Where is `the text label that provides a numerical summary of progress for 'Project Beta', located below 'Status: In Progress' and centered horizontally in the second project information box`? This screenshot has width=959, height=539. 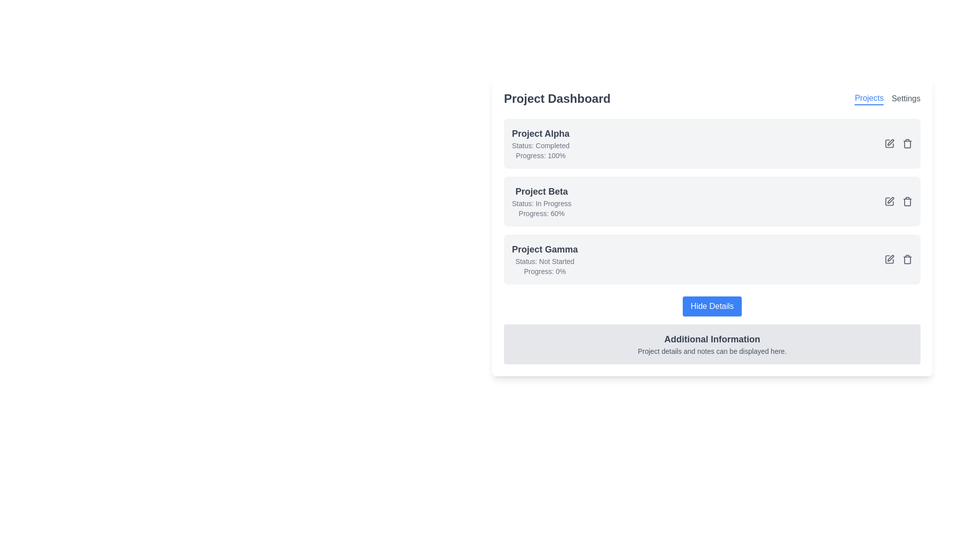
the text label that provides a numerical summary of progress for 'Project Beta', located below 'Status: In Progress' and centered horizontally in the second project information box is located at coordinates (541, 213).